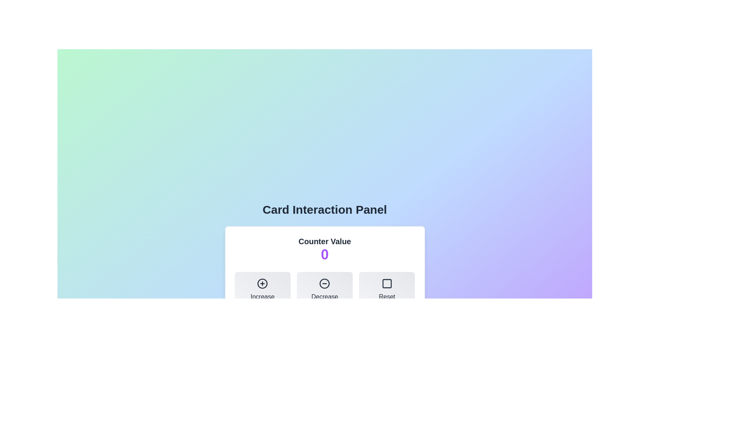 This screenshot has width=750, height=422. I want to click on the text label reading 'Counter Value', which is styled with a bold font and located above the numeric display in the center of the panel, so click(325, 241).